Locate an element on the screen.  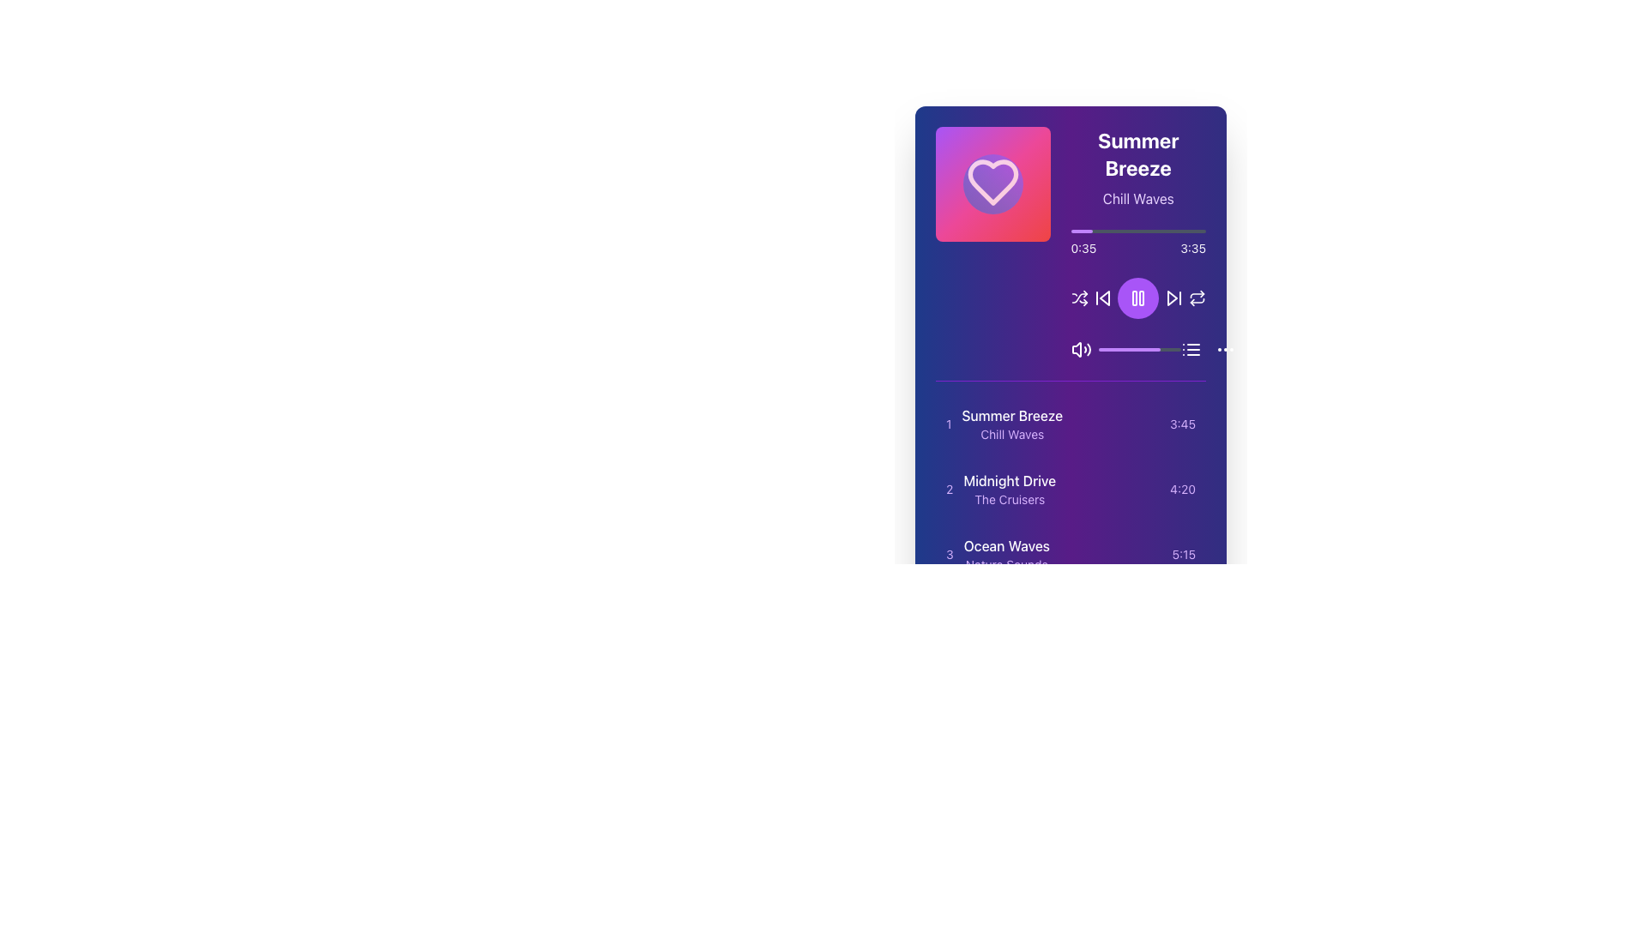
the repeat/loop playback button located on the rightmost side of the audio player control section is located at coordinates (1197, 297).